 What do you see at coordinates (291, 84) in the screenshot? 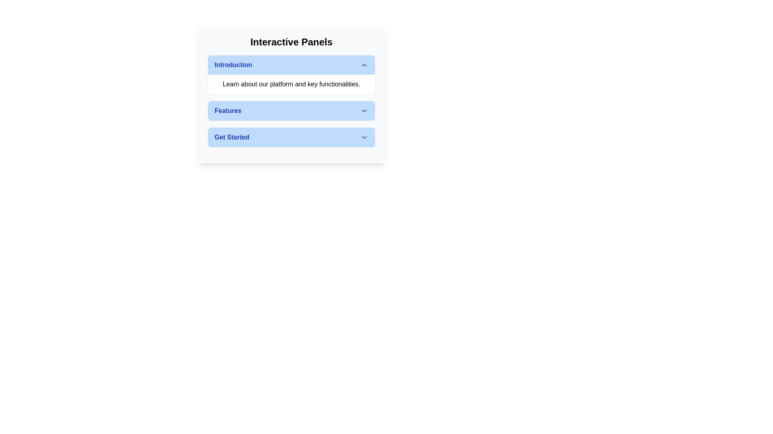
I see `the static text displaying 'Learn about our platform and key functionalities.' located under the 'Introduction' header in the 'Interactive Panels' section` at bounding box center [291, 84].